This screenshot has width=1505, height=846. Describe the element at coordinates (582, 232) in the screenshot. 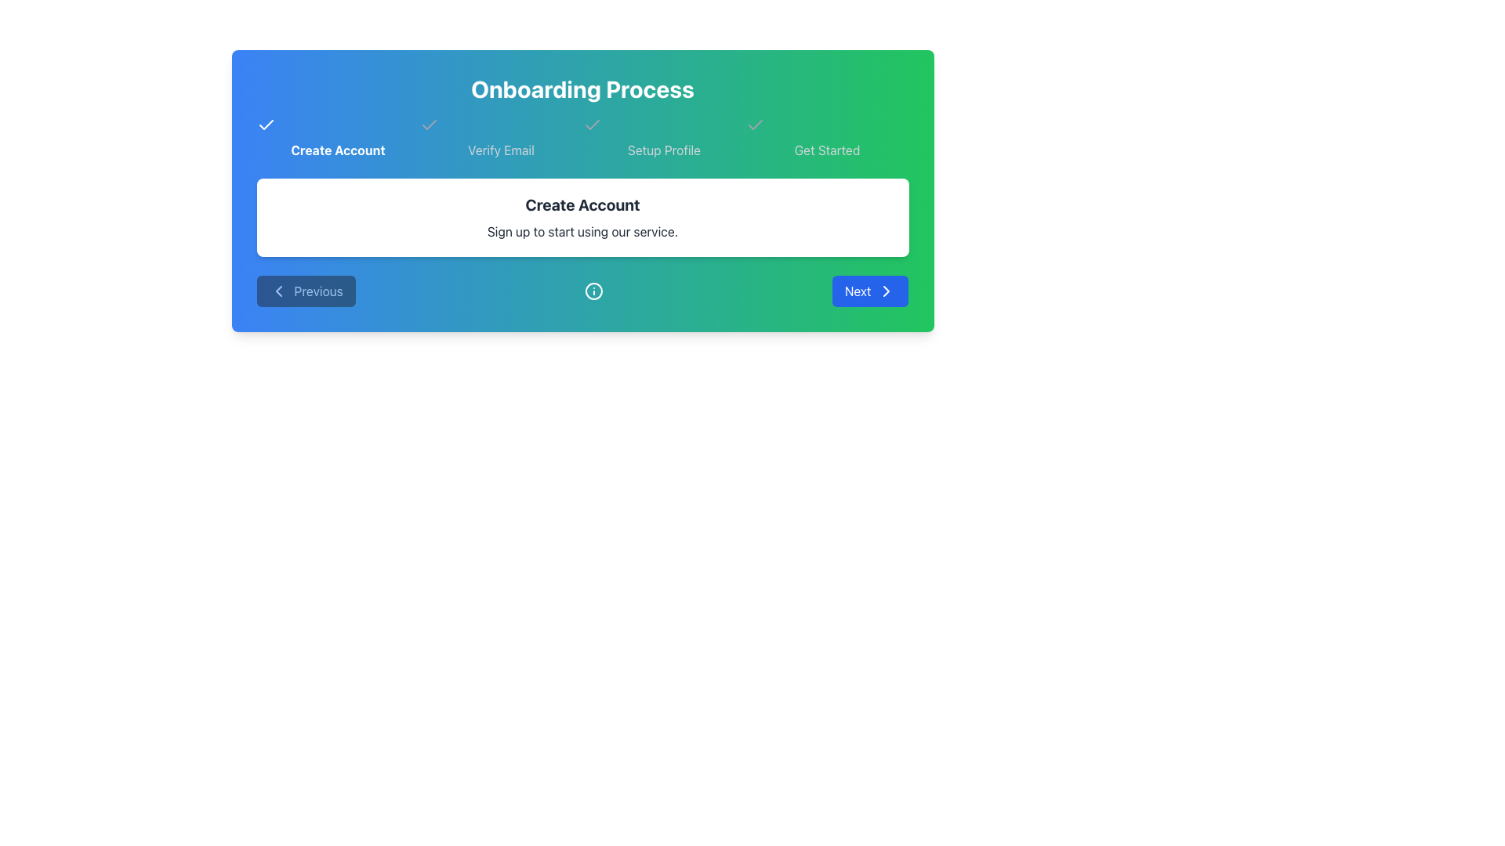

I see `the Text Label that provides context and instructions for the onboarding process, located directly below the 'Create Account' label` at that location.